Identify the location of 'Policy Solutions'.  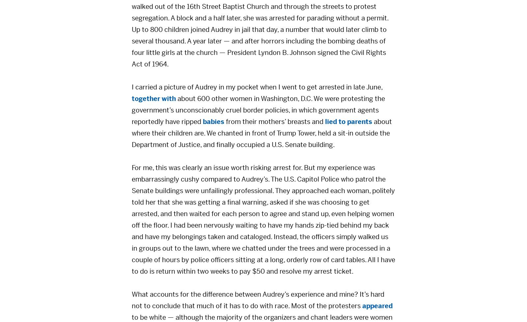
(167, 194).